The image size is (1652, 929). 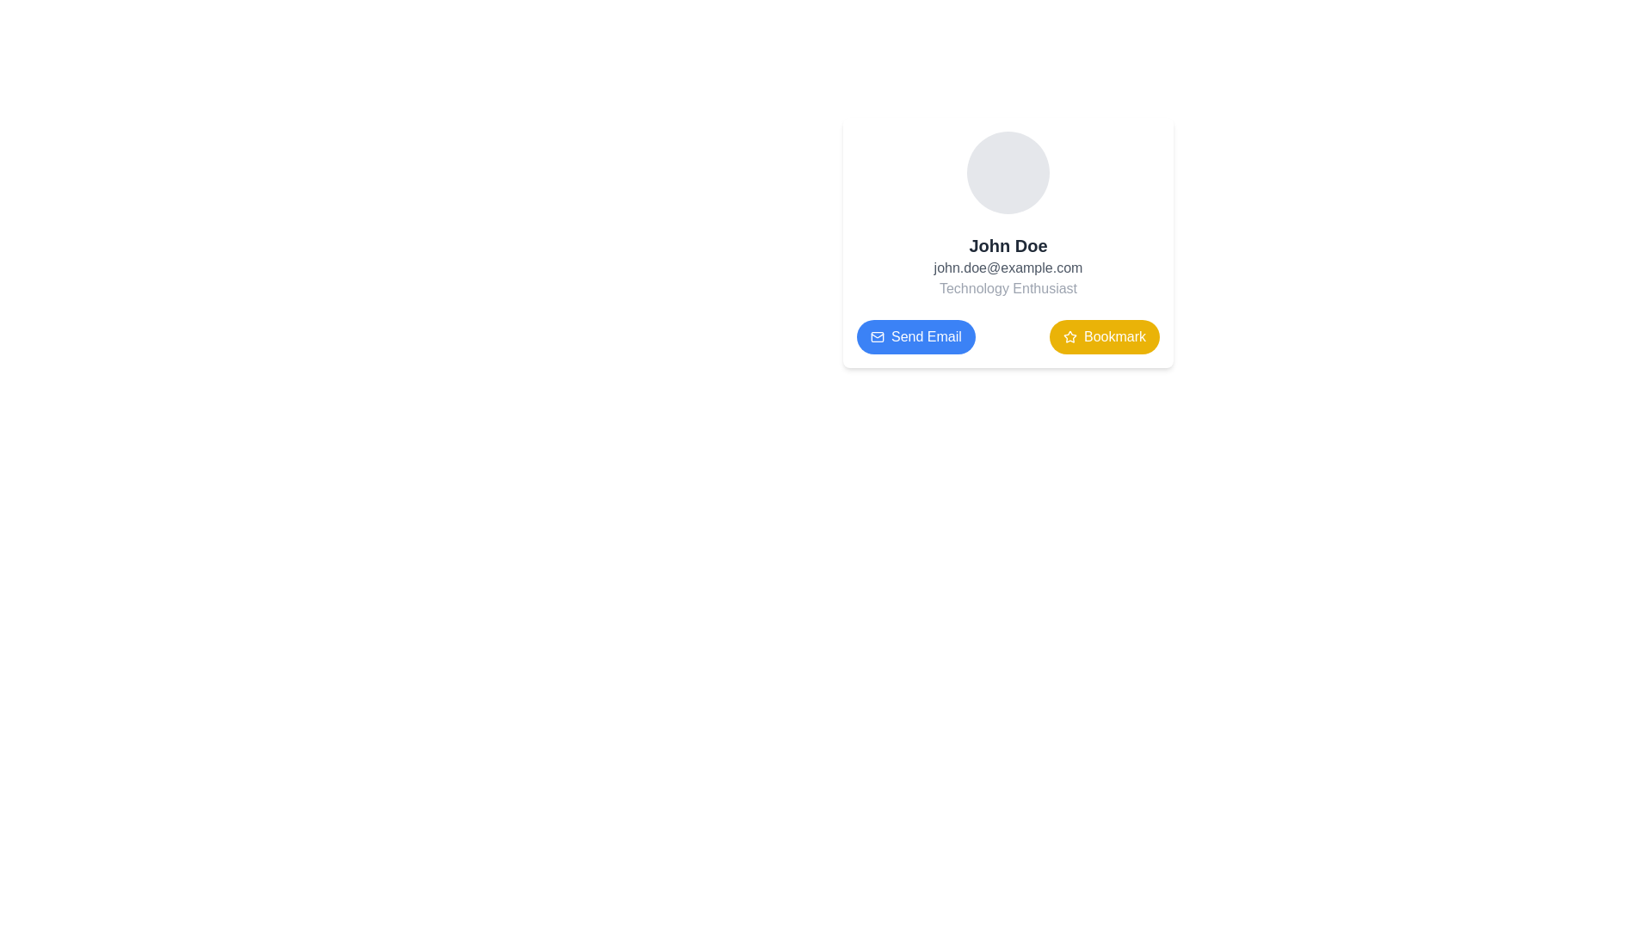 I want to click on the user name label located centrally beneath the circular avatar in the user profile layout, so click(x=1008, y=245).